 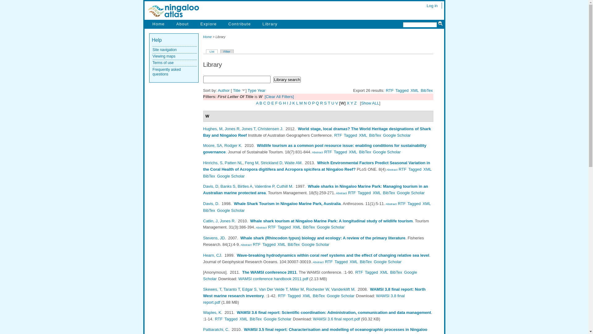 What do you see at coordinates (296, 289) in the screenshot?
I see `'Miller M'` at bounding box center [296, 289].